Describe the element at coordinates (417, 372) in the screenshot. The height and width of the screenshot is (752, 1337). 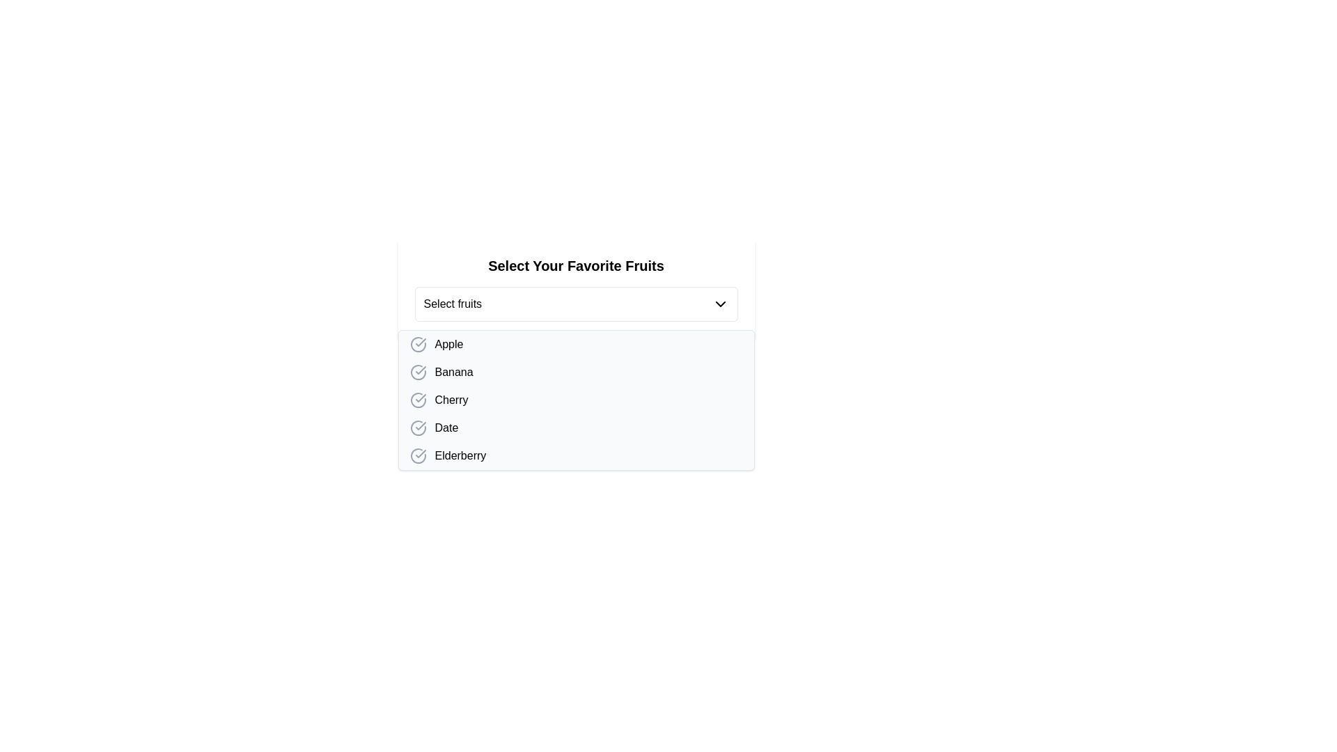
I see `the circular gray icon with a checkmark inside, located to the left of the text 'Banana' in the selectable items list` at that location.